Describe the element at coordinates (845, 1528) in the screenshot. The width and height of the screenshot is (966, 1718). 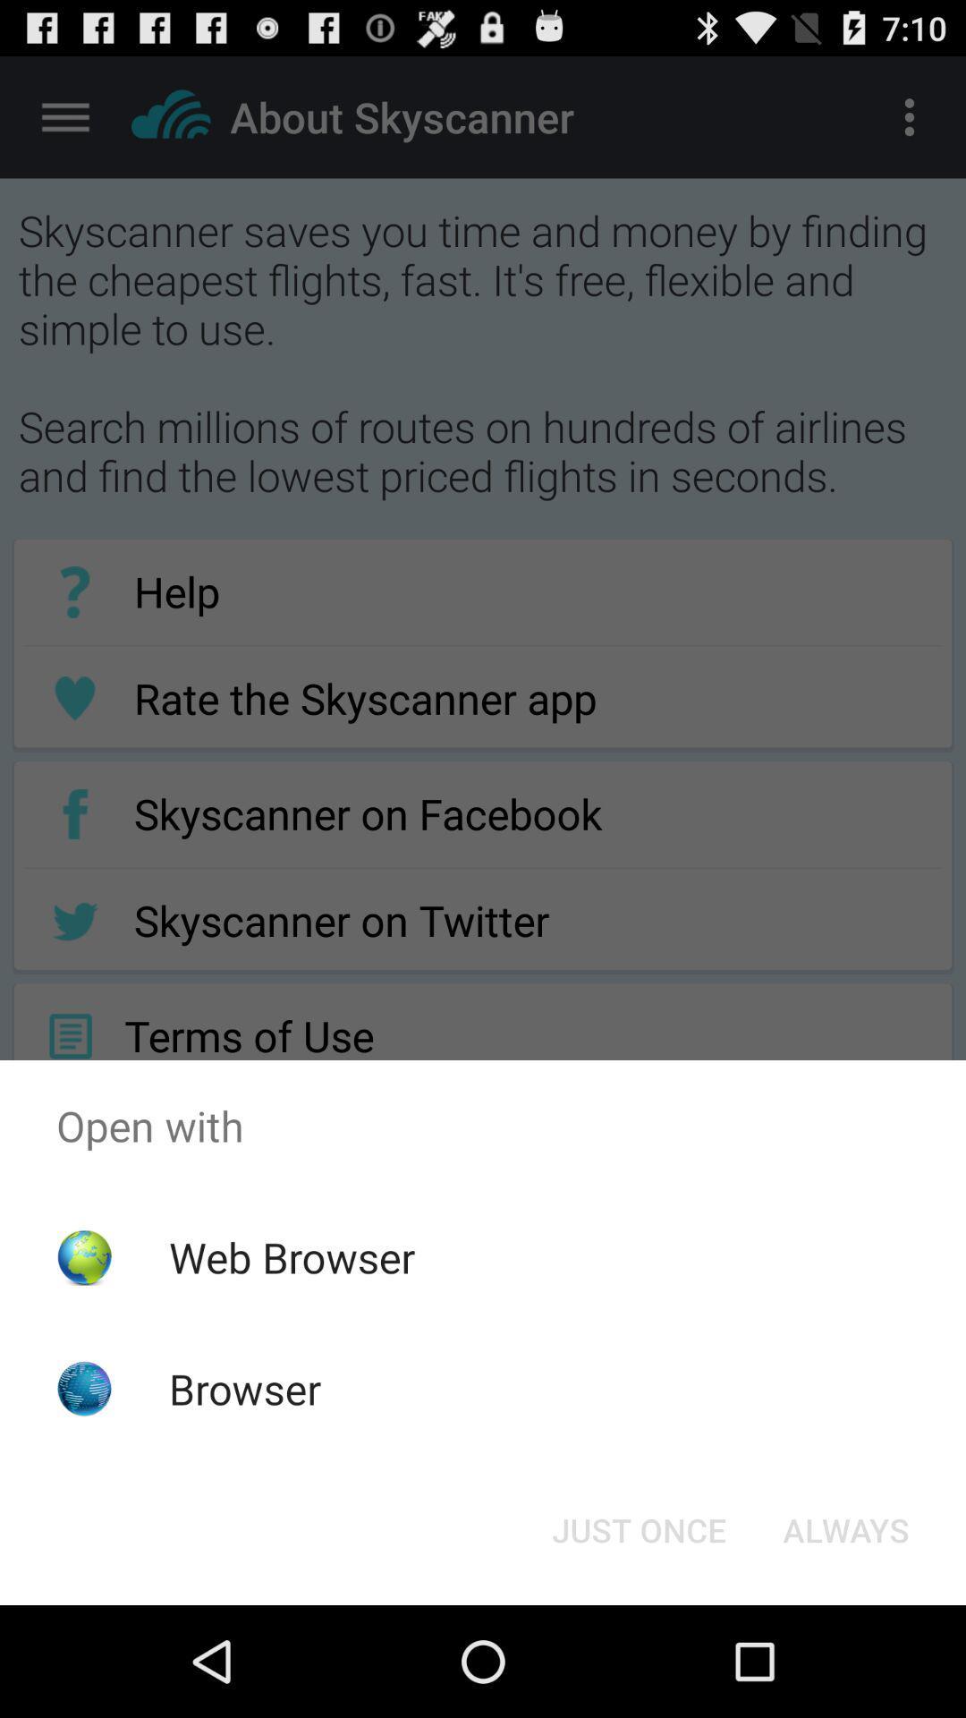
I see `the item to the right of just once` at that location.